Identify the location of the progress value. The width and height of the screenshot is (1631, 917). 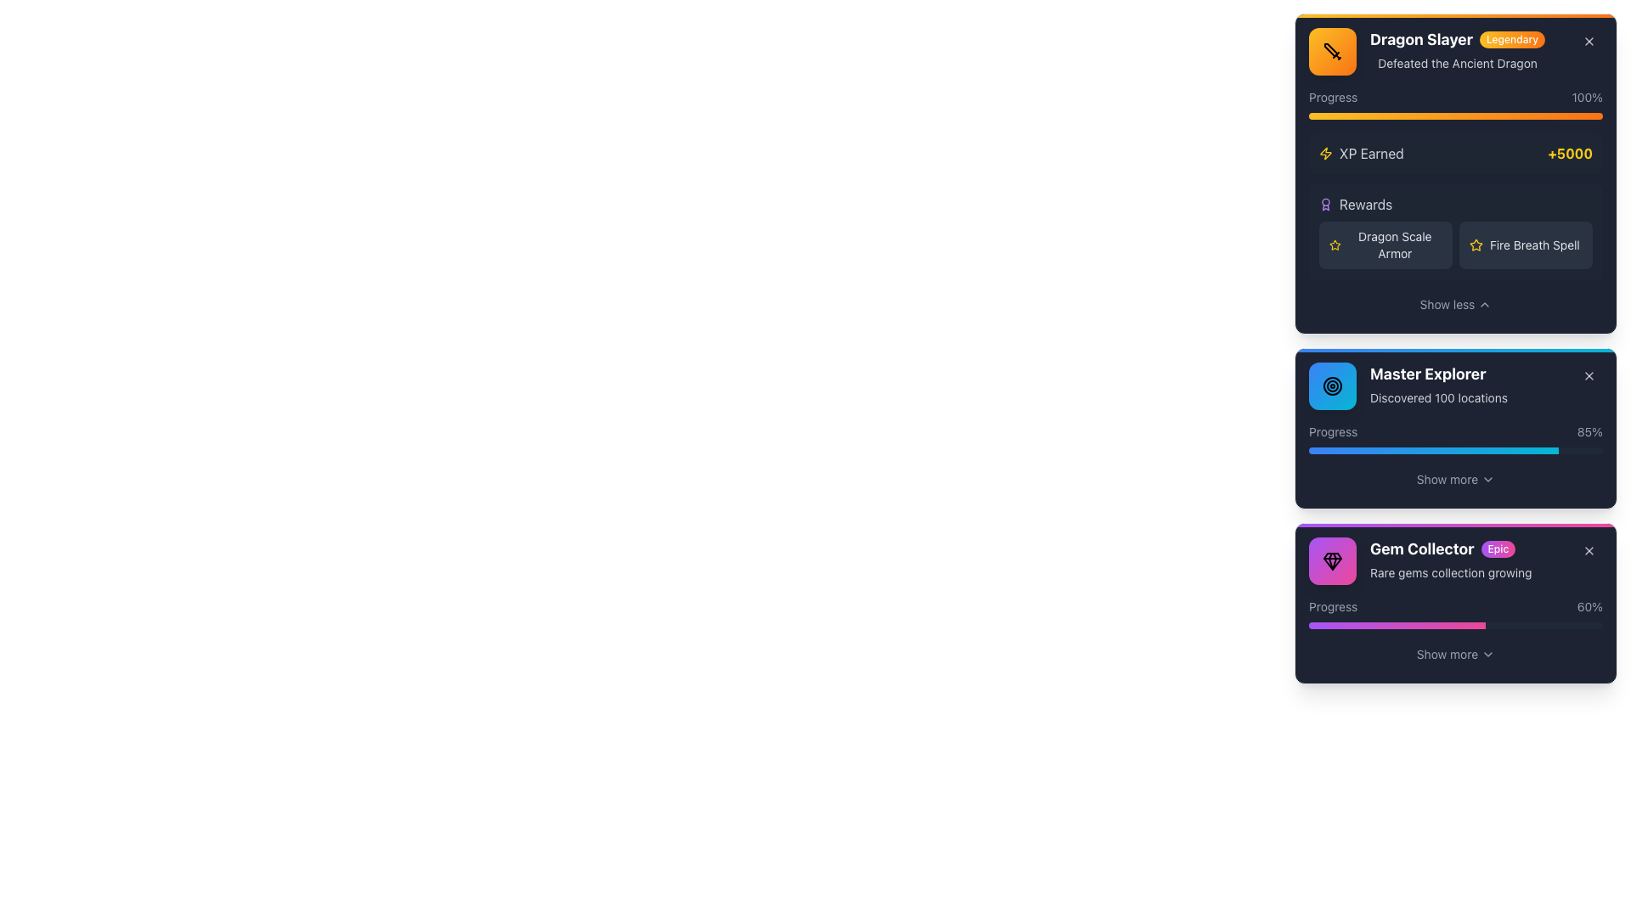
(1395, 625).